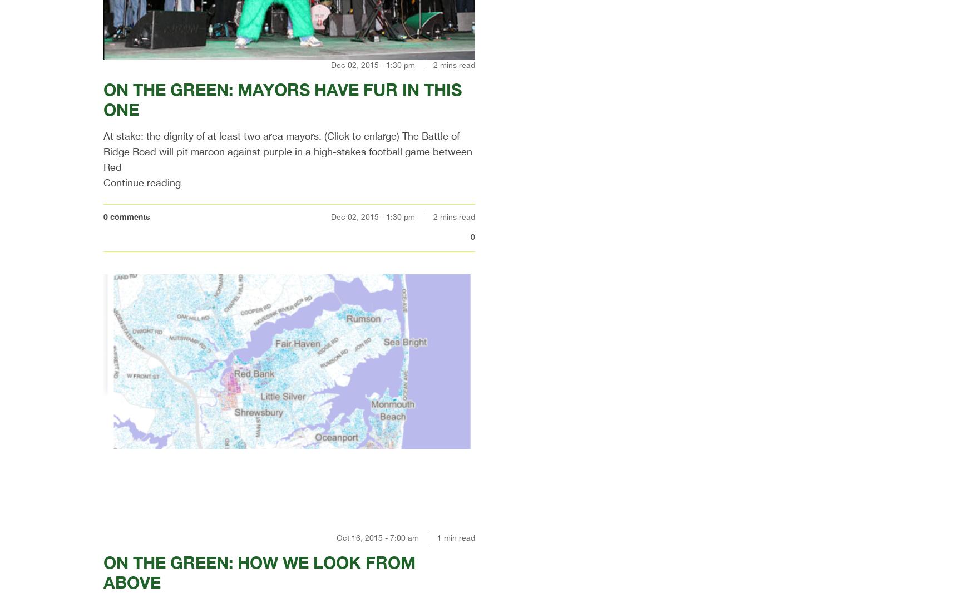 This screenshot has width=968, height=593. What do you see at coordinates (456, 537) in the screenshot?
I see `'1 min read'` at bounding box center [456, 537].